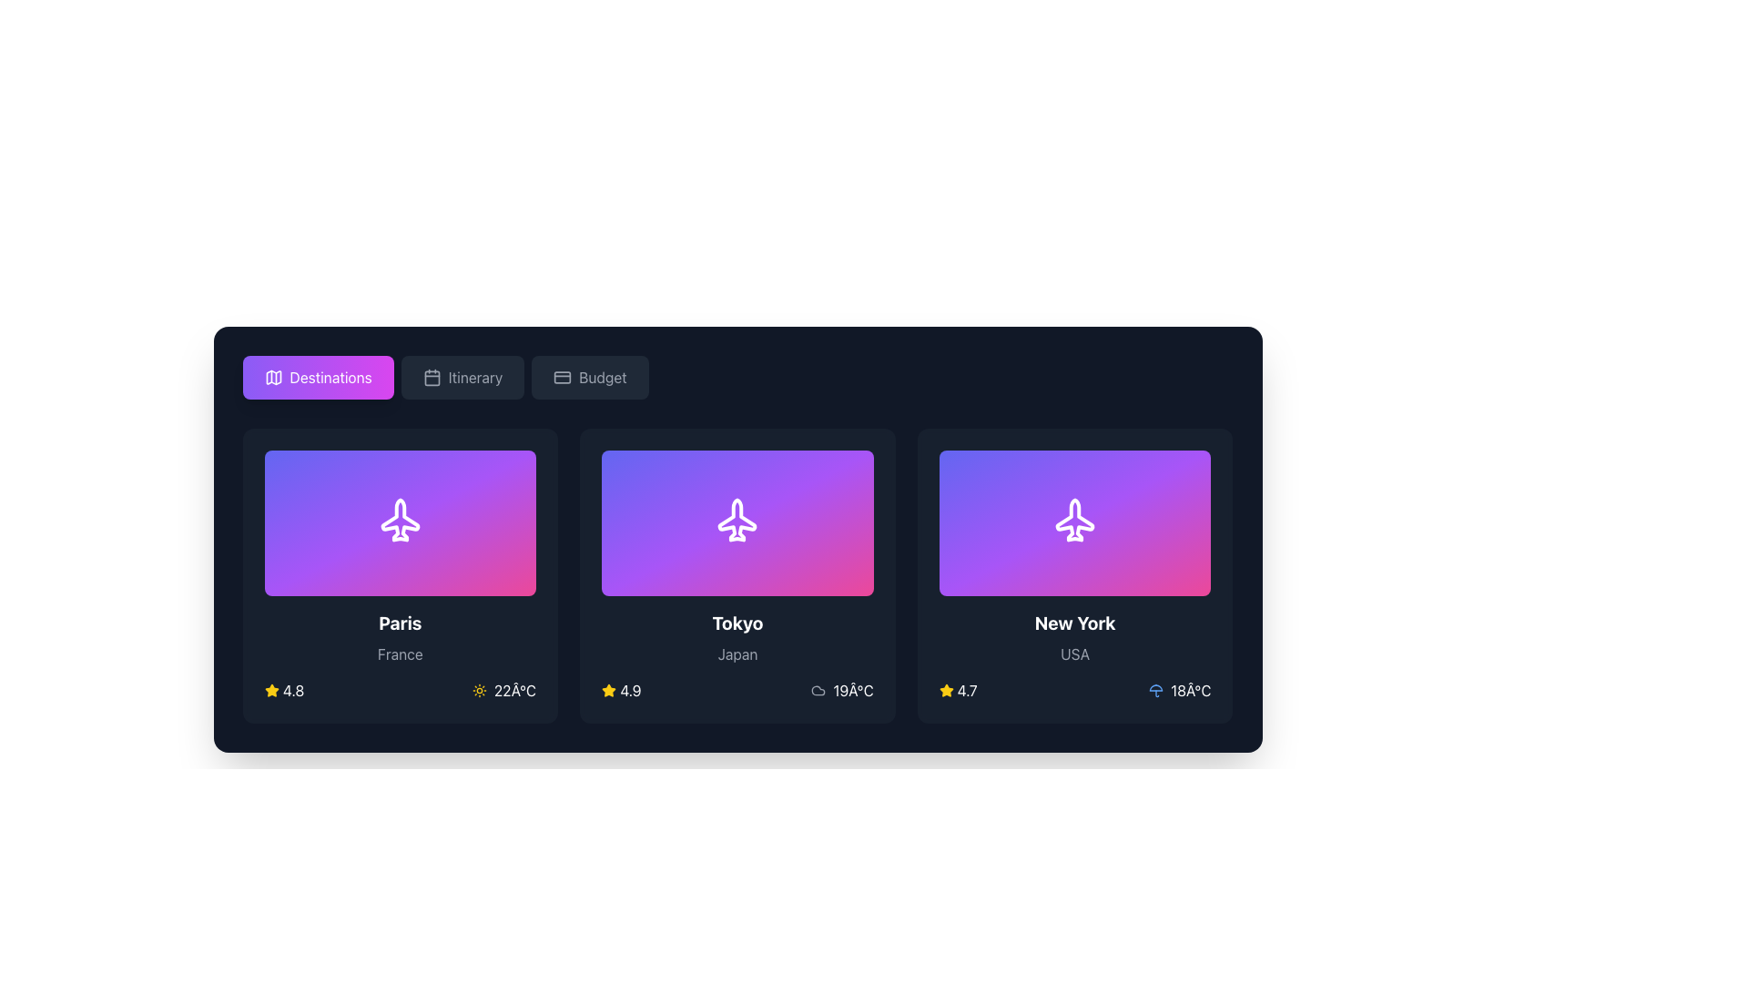  I want to click on the central Destination card displaying 'Tokyo' with a gradient background for rearranging within the grid layout, so click(737, 575).